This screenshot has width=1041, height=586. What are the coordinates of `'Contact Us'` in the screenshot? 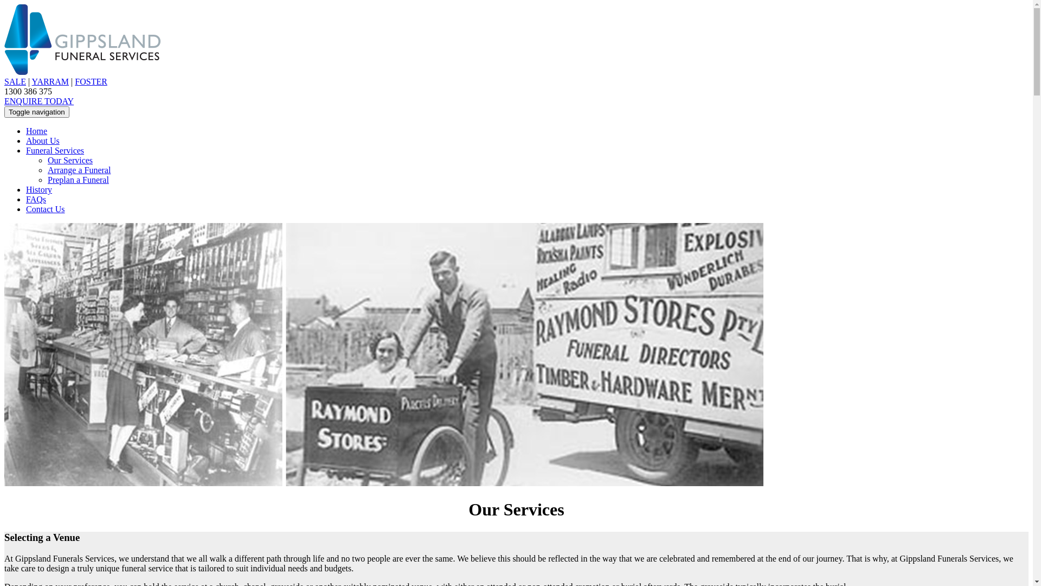 It's located at (44, 209).